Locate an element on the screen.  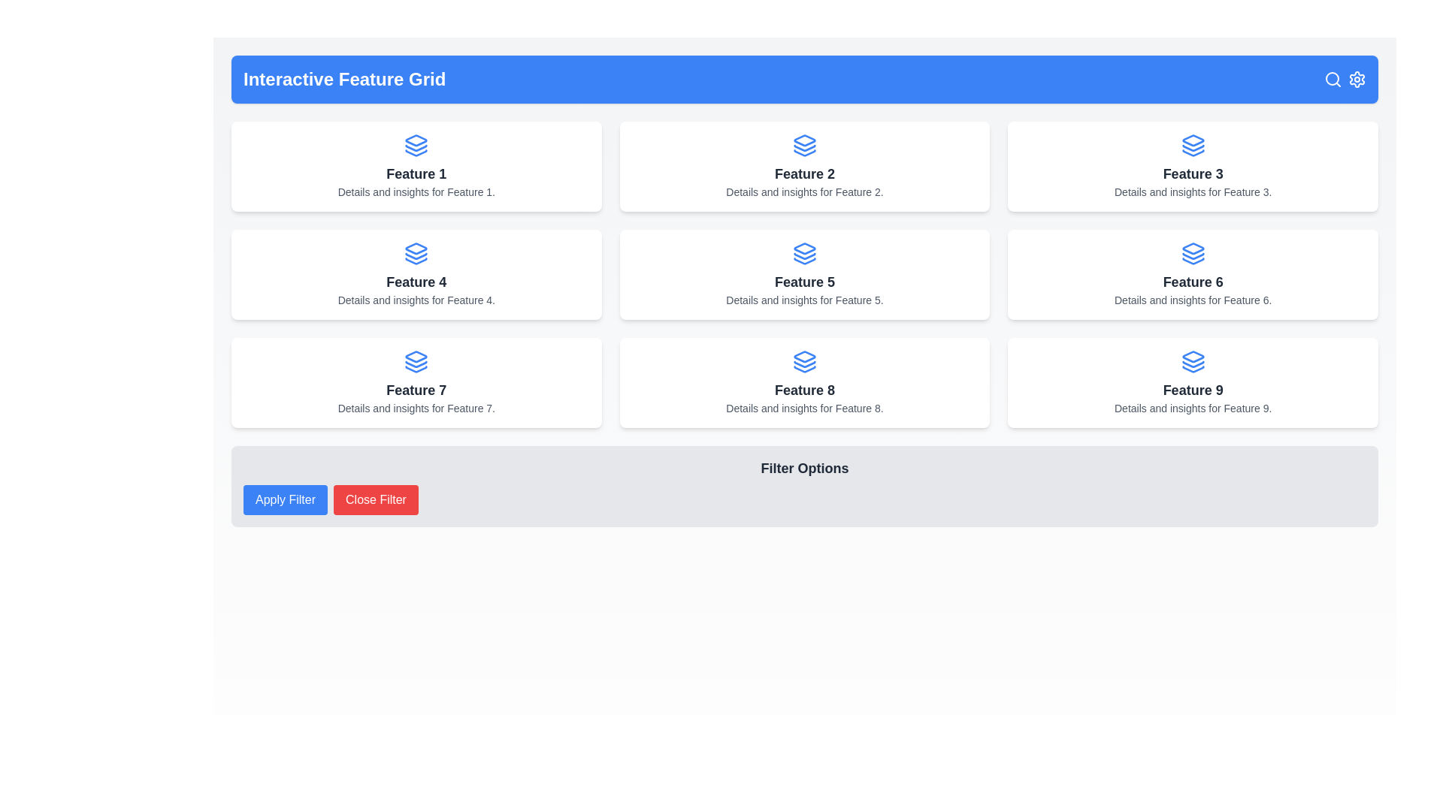
the decorative icon with a blue outline located at the top of the 'Feature 3' card in the top right portion of the interface is located at coordinates (1192, 140).